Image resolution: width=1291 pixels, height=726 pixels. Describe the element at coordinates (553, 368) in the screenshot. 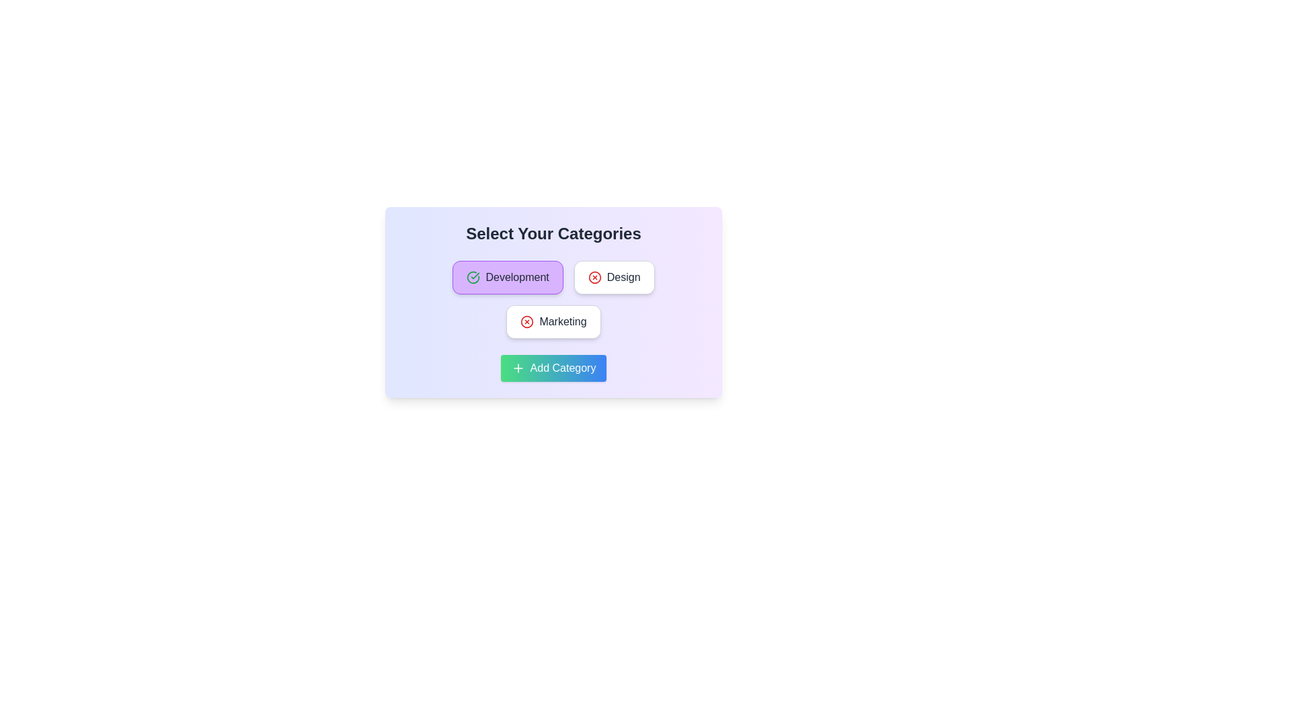

I see `the 'Add Category' button to add a new category` at that location.